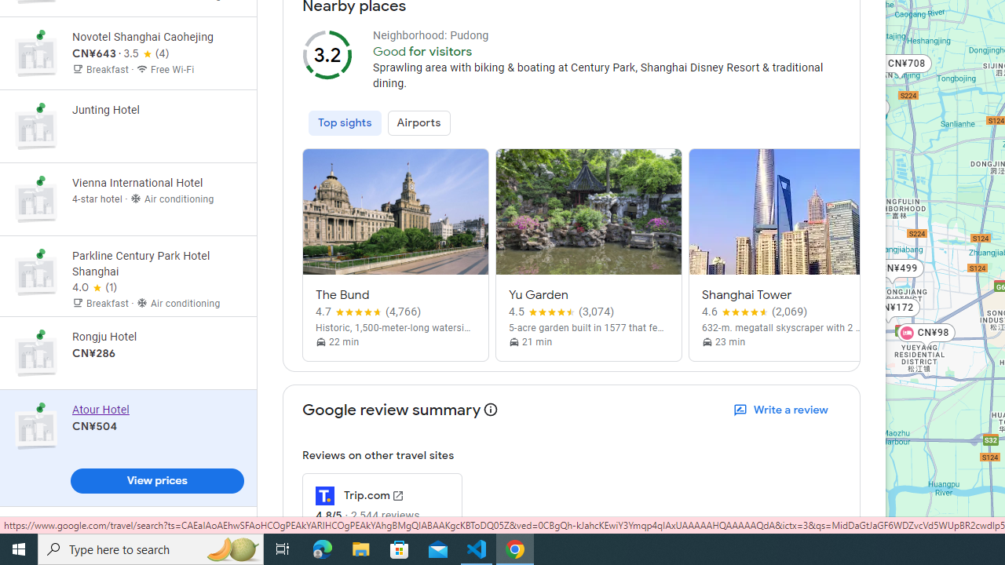 The height and width of the screenshot is (565, 1005). What do you see at coordinates (157, 483) in the screenshot?
I see `'View prices for Atour Hotel'` at bounding box center [157, 483].